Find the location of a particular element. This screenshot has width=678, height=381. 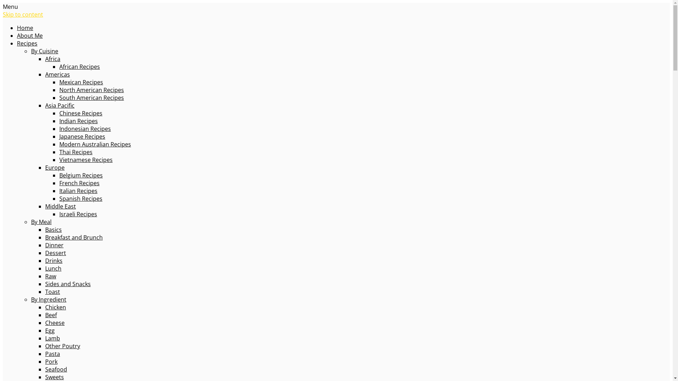

'About Me' is located at coordinates (17, 35).